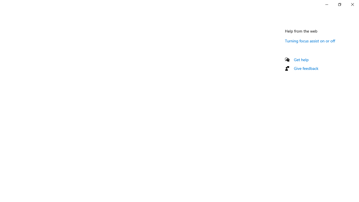 The height and width of the screenshot is (202, 359). What do you see at coordinates (306, 68) in the screenshot?
I see `'Give feedback'` at bounding box center [306, 68].